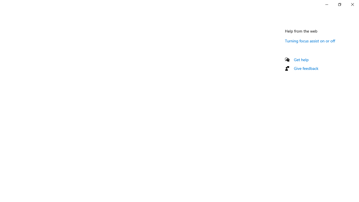 The height and width of the screenshot is (202, 359). What do you see at coordinates (306, 68) in the screenshot?
I see `'Give feedback'` at bounding box center [306, 68].